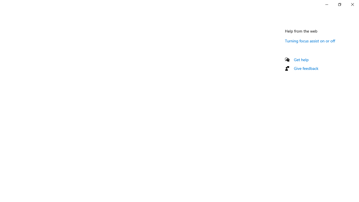 The height and width of the screenshot is (202, 359). What do you see at coordinates (306, 68) in the screenshot?
I see `'Give feedback'` at bounding box center [306, 68].